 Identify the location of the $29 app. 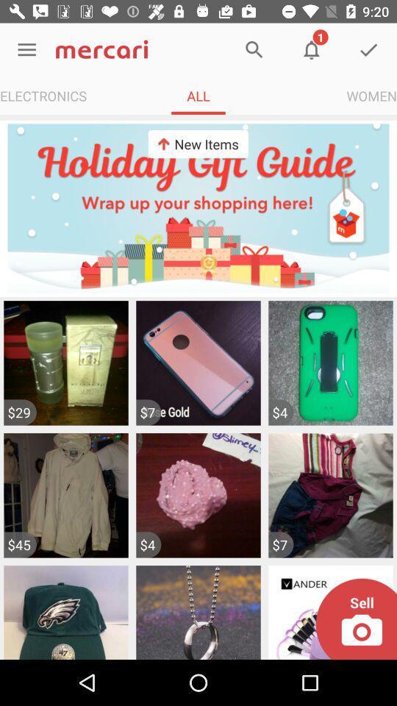
(19, 413).